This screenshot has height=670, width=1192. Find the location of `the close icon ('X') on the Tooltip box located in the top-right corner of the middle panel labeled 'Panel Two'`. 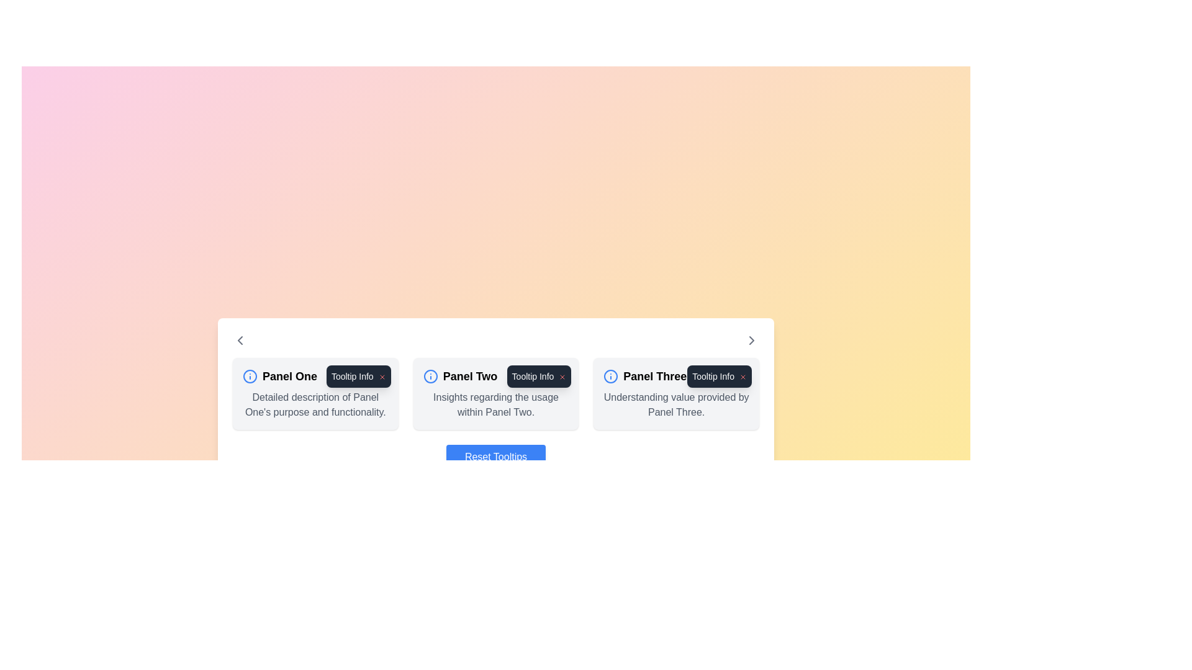

the close icon ('X') on the Tooltip box located in the top-right corner of the middle panel labeled 'Panel Two' is located at coordinates (539, 375).